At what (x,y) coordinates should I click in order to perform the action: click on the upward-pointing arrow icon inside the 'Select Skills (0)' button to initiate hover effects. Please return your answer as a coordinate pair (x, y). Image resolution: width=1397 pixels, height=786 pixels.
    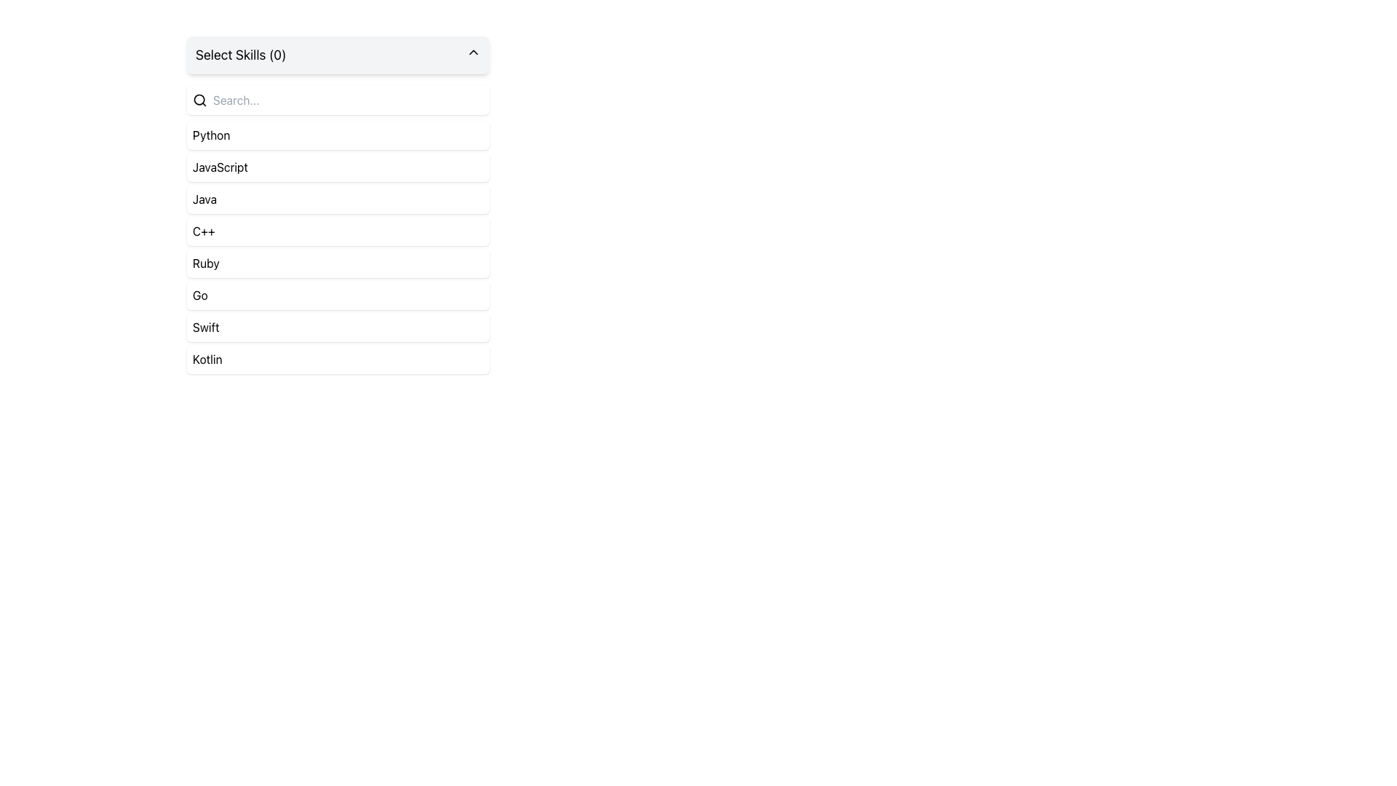
    Looking at the image, I should click on (474, 52).